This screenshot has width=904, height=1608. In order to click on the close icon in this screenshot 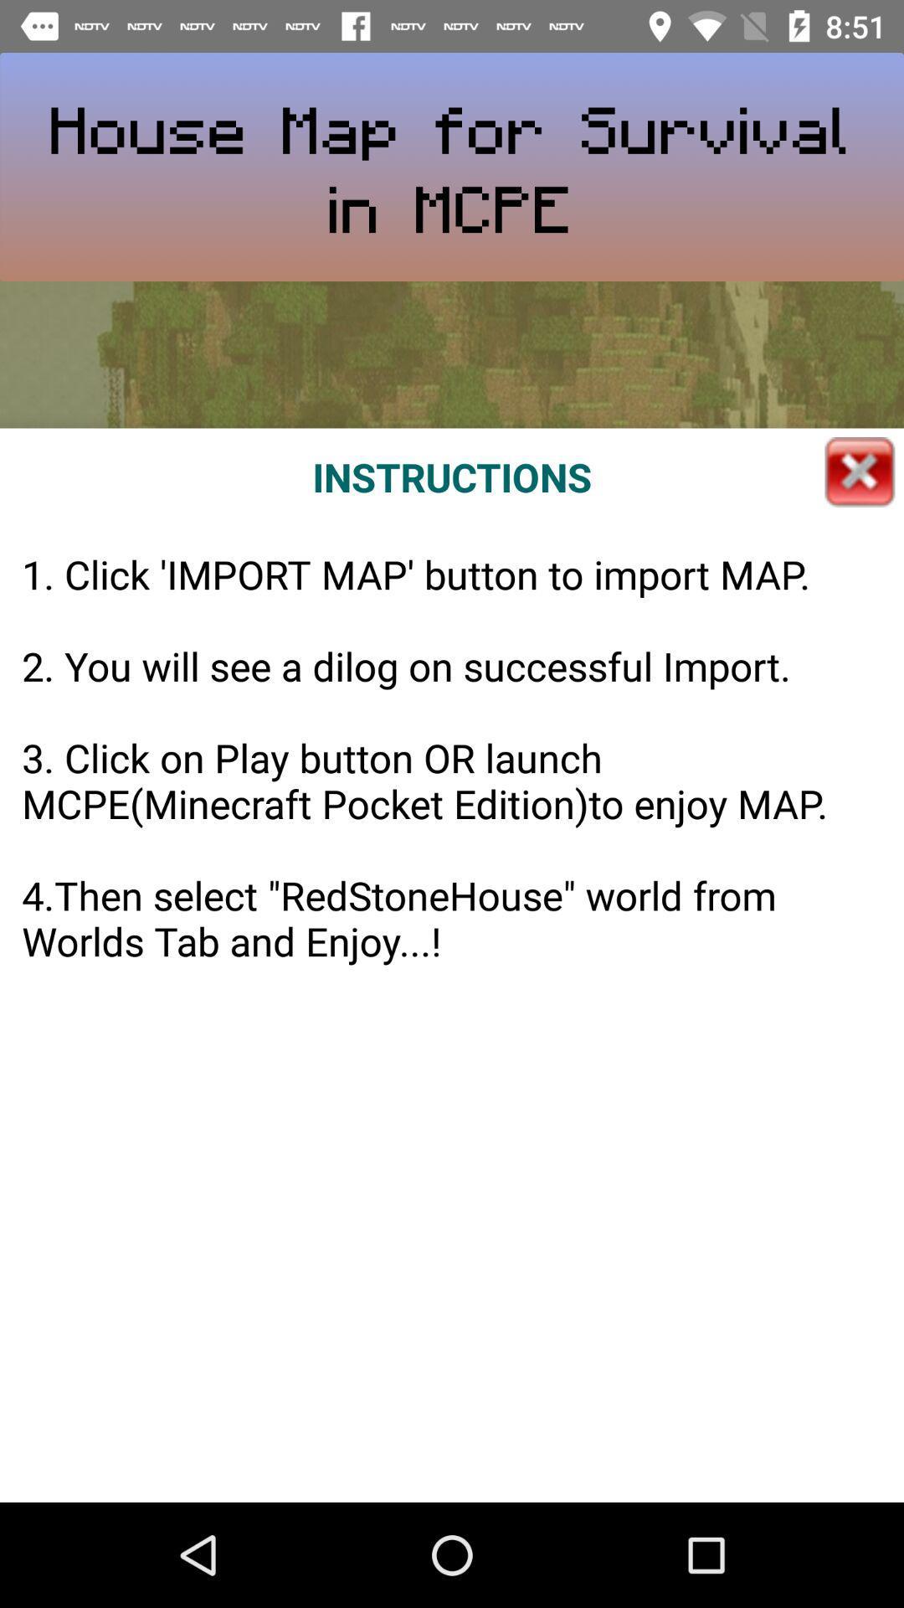, I will do `click(860, 471)`.